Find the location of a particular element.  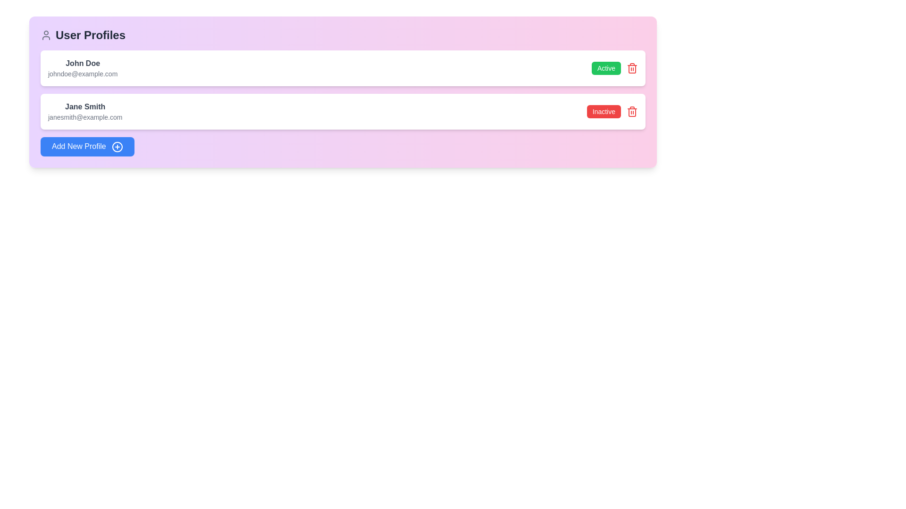

the Status label indicating the active status of the user profile for 'John Doe', located to the right of the trash icon and below 'User Profiles' is located at coordinates (614, 68).